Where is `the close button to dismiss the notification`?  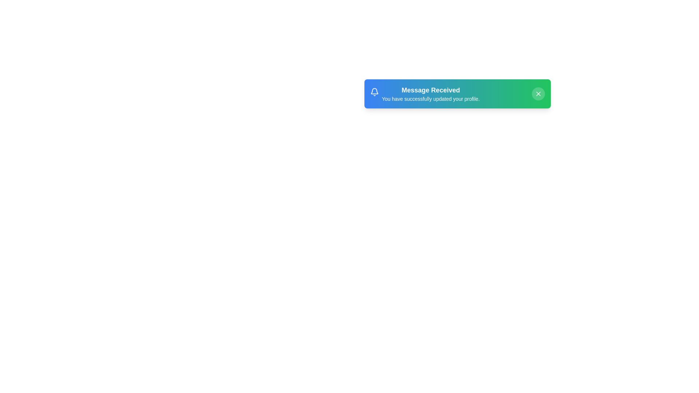
the close button to dismiss the notification is located at coordinates (538, 94).